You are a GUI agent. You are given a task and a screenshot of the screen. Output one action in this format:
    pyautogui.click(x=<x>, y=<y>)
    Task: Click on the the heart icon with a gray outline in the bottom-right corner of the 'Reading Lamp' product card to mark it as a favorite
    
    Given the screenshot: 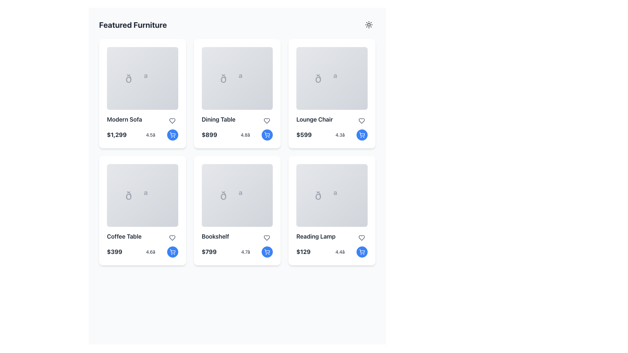 What is the action you would take?
    pyautogui.click(x=361, y=238)
    